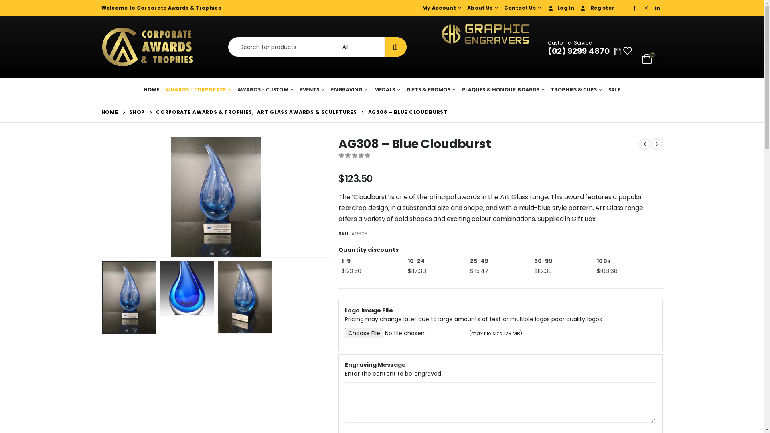 This screenshot has height=433, width=770. I want to click on 'ENGRAVING', so click(349, 89).